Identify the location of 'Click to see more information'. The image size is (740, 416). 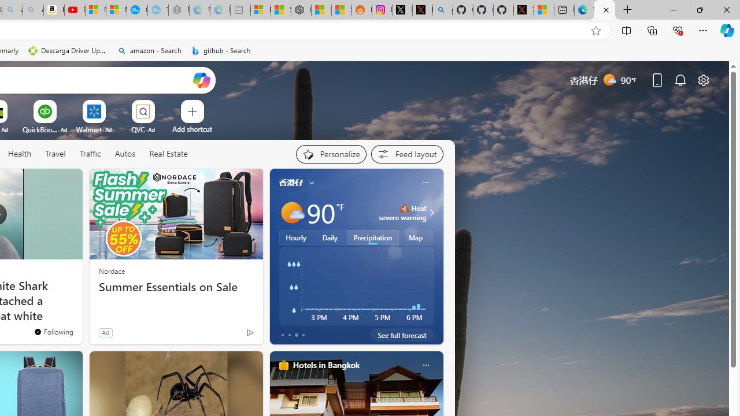
(430, 212).